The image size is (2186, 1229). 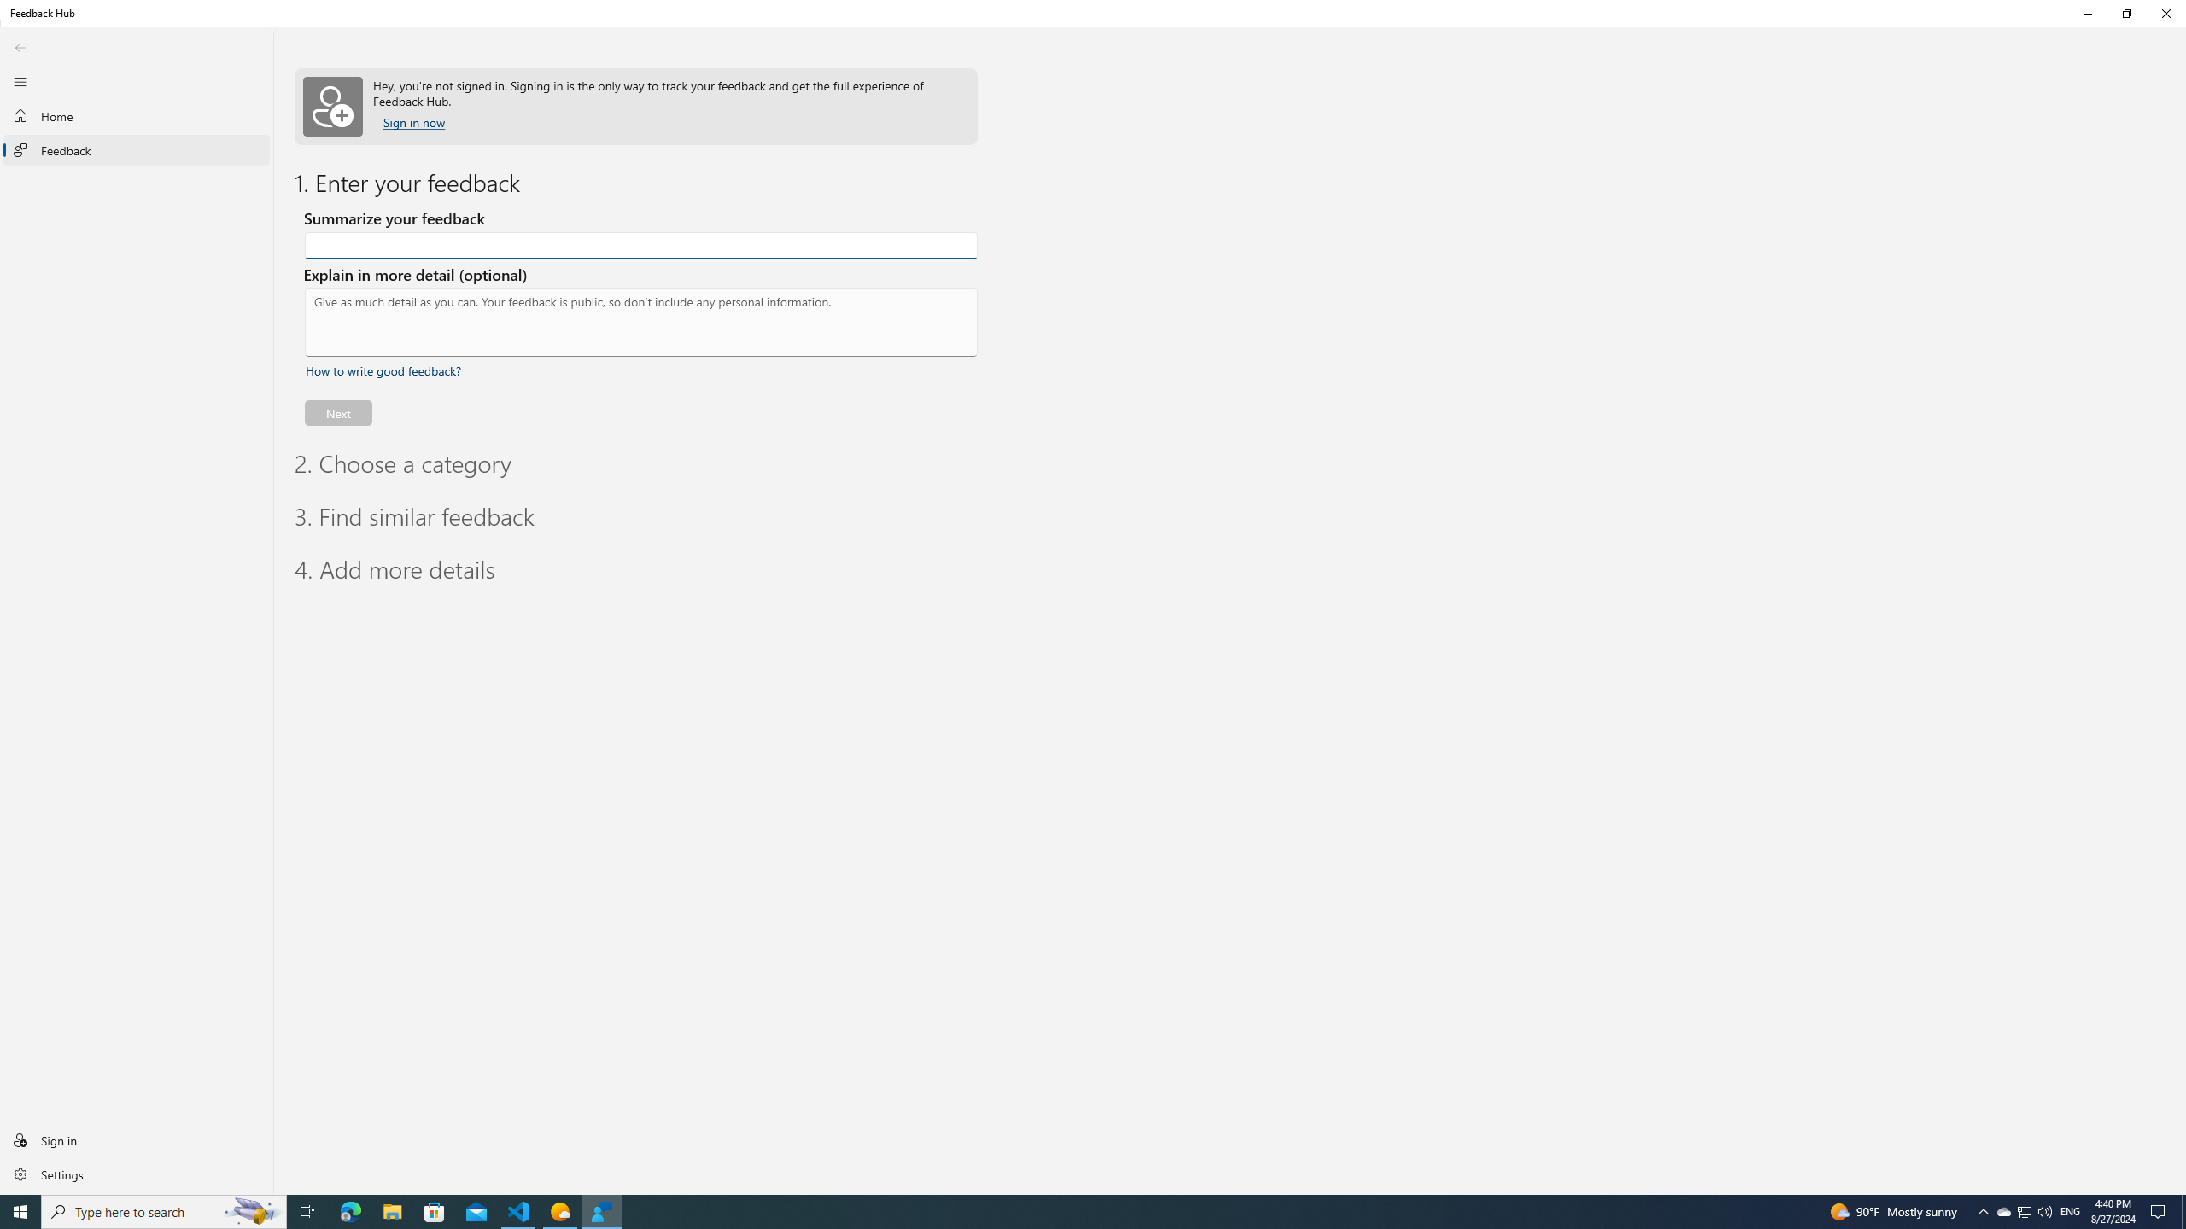 I want to click on 'Start', so click(x=20, y=1210).